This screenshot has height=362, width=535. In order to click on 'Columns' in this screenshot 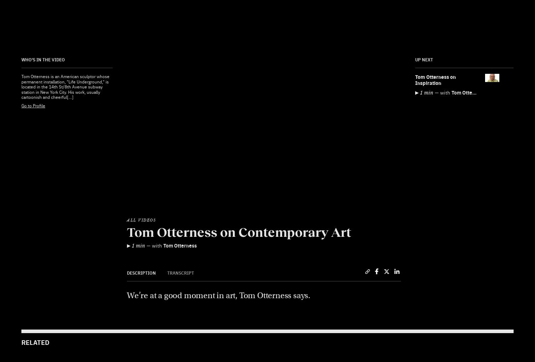, I will do `click(282, 179)`.